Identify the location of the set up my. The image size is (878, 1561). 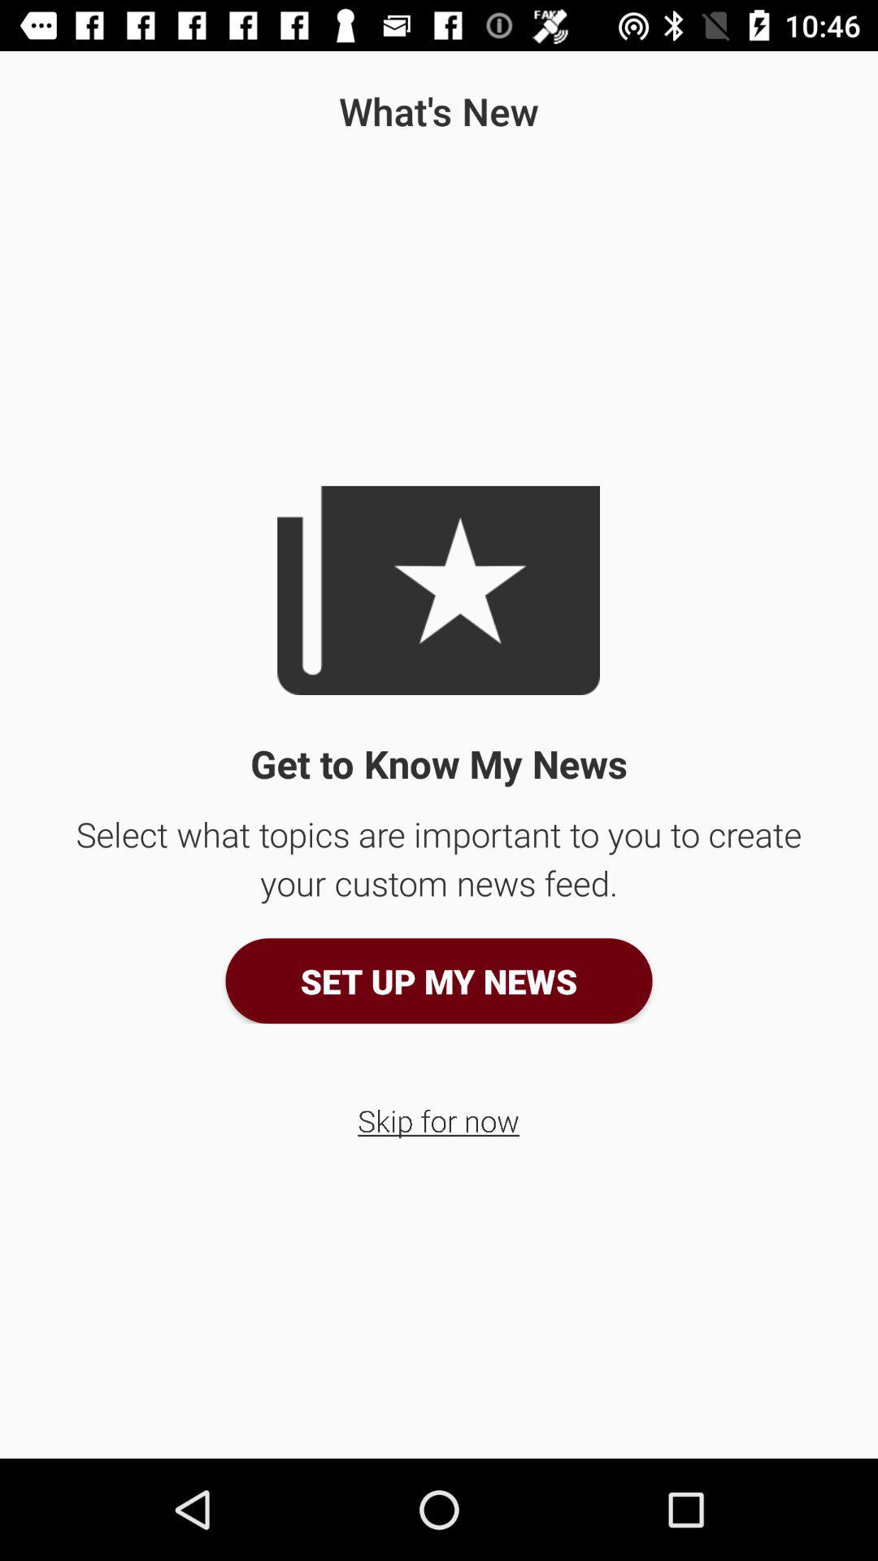
(439, 980).